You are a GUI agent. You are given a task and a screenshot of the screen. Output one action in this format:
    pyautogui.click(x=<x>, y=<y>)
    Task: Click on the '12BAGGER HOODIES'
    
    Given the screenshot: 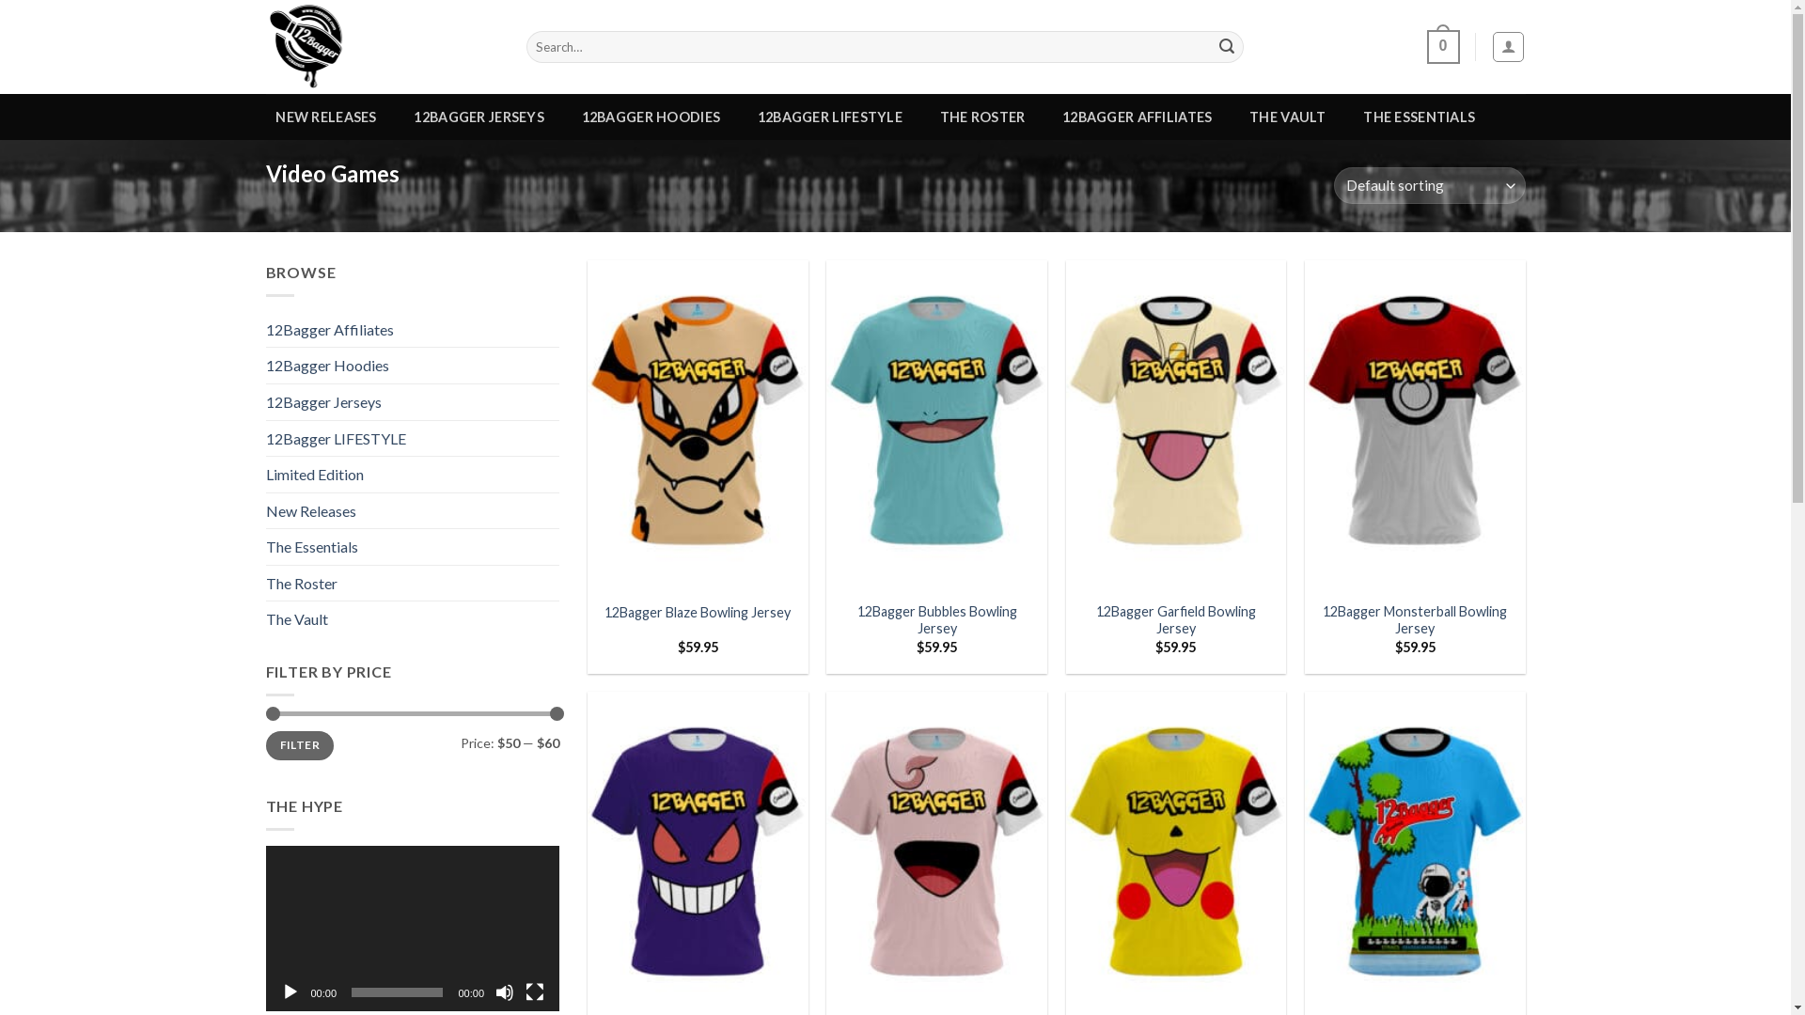 What is the action you would take?
    pyautogui.click(x=651, y=117)
    